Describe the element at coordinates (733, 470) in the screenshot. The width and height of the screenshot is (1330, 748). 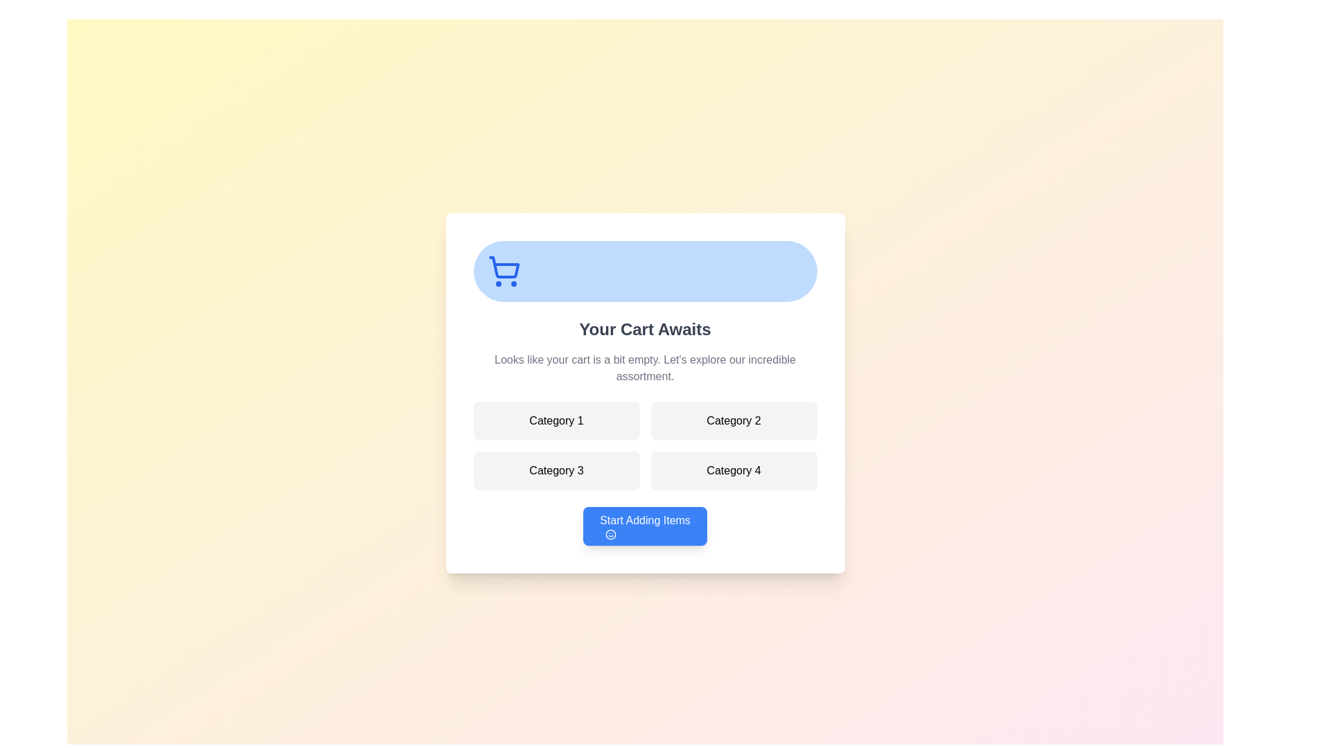
I see `the 'Category 4' button located in the lower-right corner of the 2x2 grid layout` at that location.